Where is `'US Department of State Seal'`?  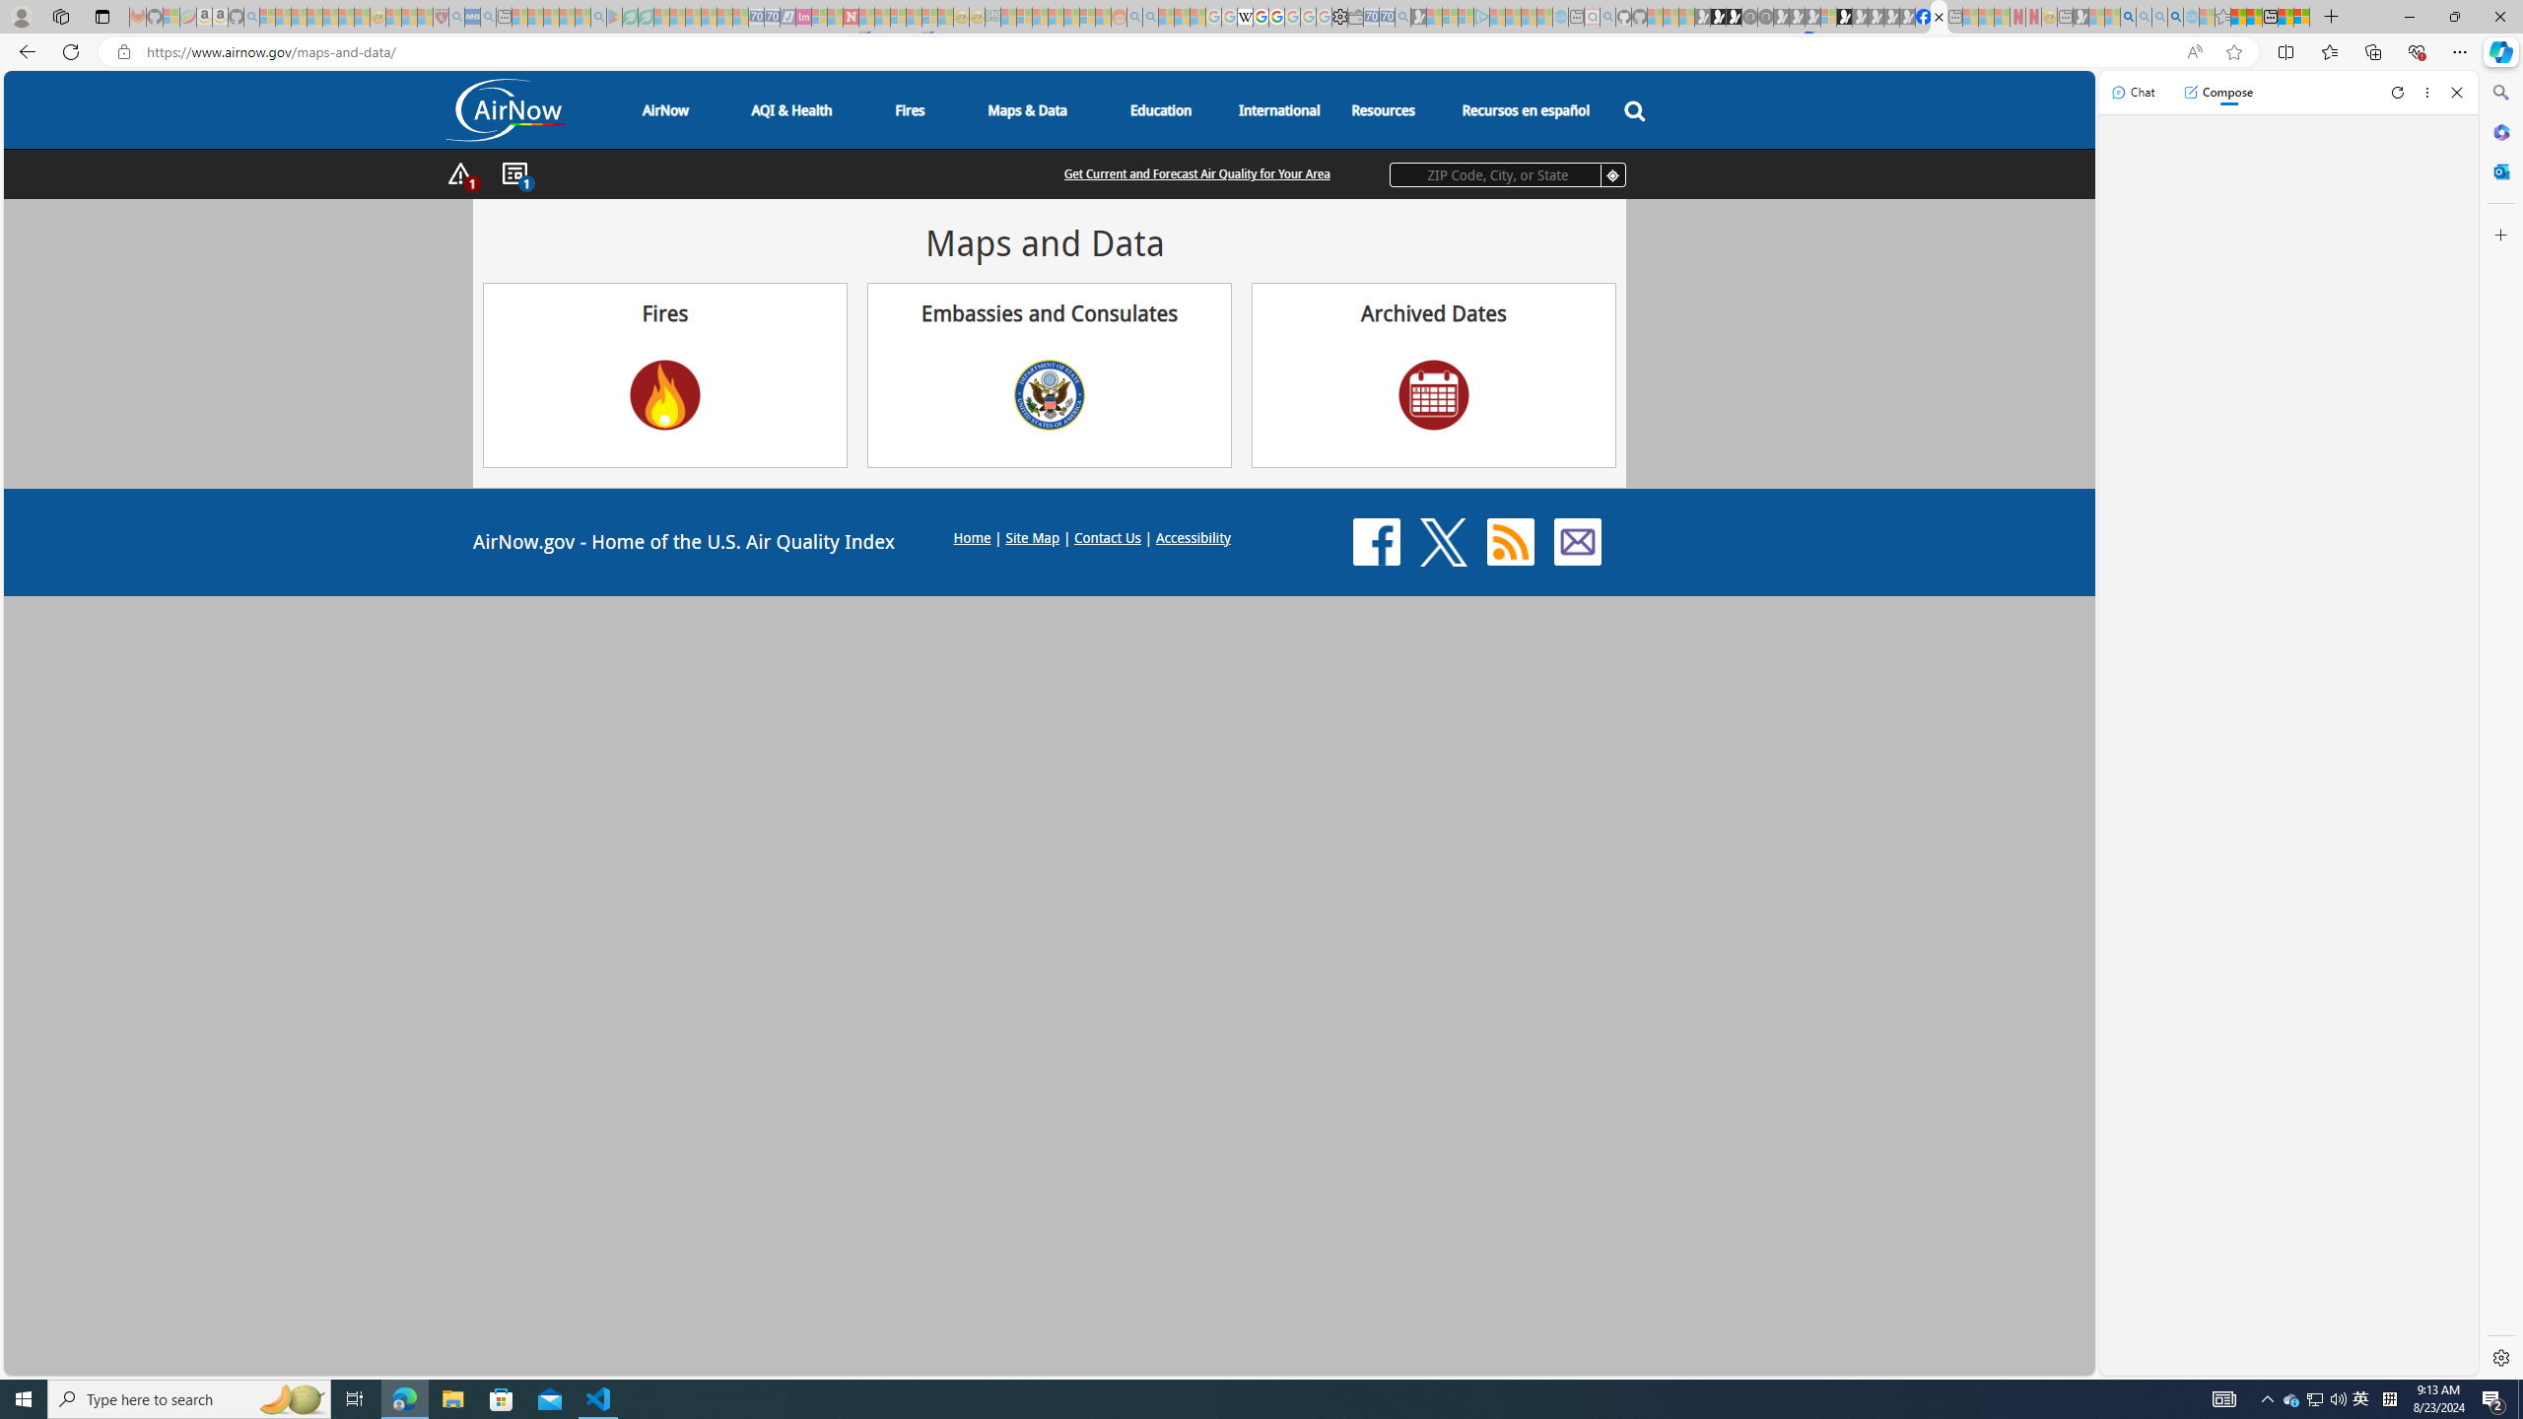 'US Department of State Seal' is located at coordinates (1048, 393).